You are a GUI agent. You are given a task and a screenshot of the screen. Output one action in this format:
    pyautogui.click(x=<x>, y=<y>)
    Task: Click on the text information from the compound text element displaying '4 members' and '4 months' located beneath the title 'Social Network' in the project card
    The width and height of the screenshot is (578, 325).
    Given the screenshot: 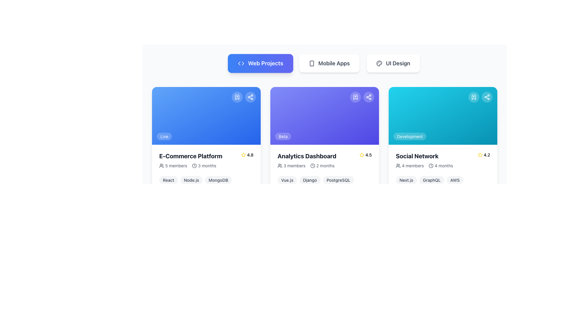 What is the action you would take?
    pyautogui.click(x=443, y=166)
    